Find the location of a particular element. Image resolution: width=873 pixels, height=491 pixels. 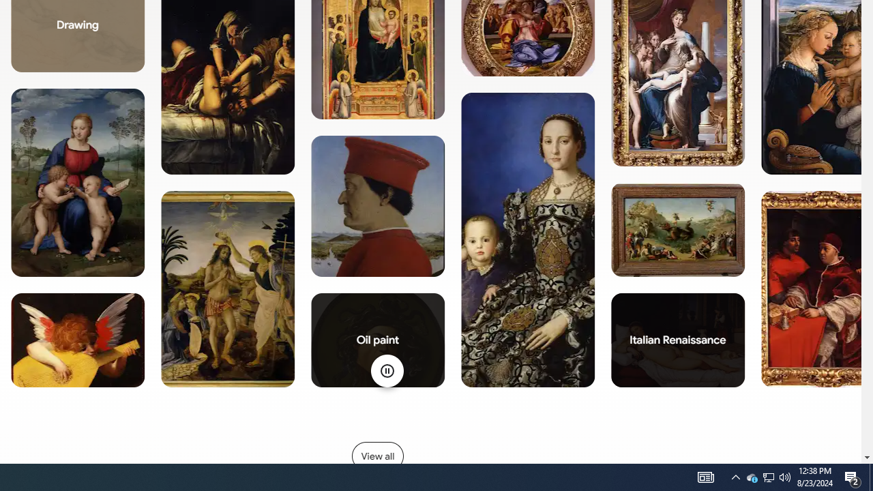

'View all' is located at coordinates (377, 456).